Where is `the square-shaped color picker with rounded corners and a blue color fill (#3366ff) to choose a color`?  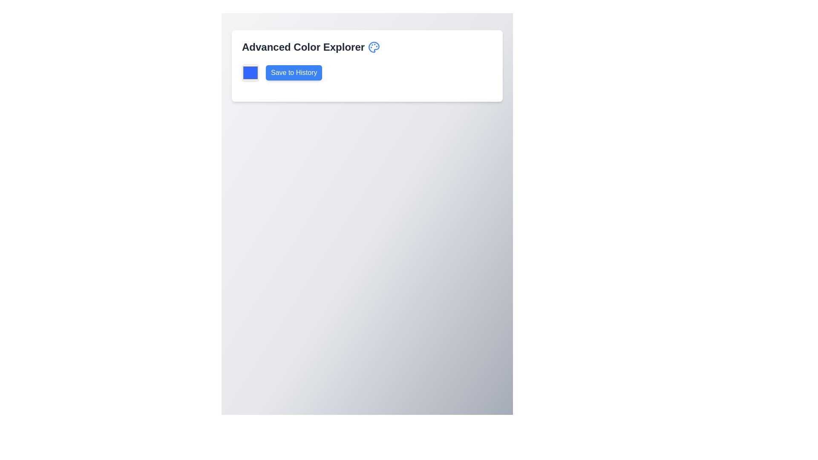 the square-shaped color picker with rounded corners and a blue color fill (#3366ff) to choose a color is located at coordinates (250, 72).